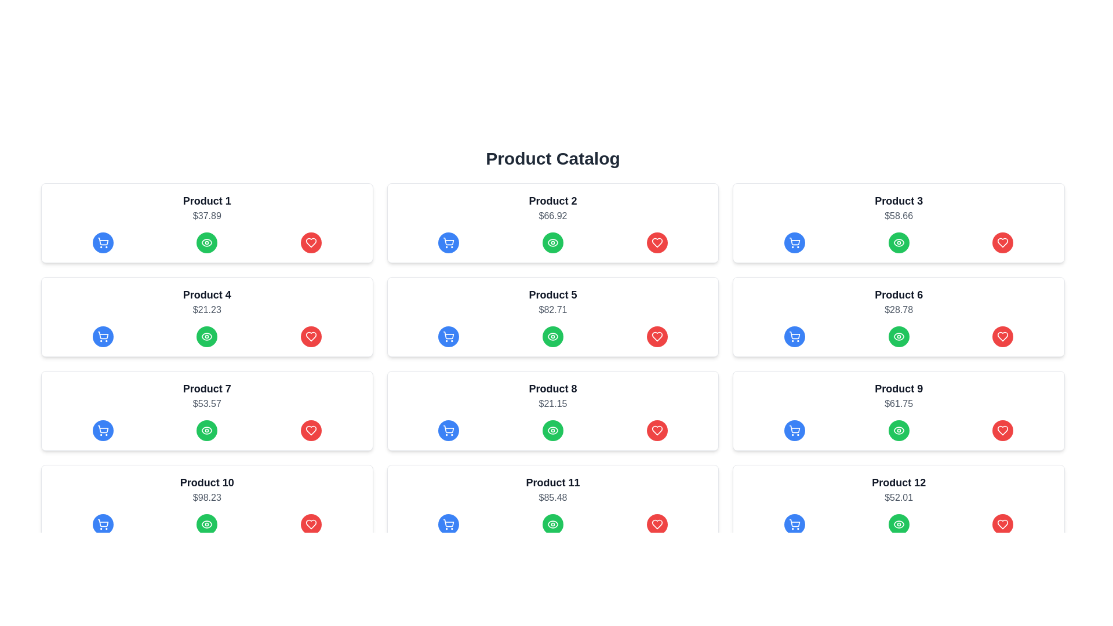  Describe the element at coordinates (311, 525) in the screenshot. I see `the 'Favorite' button located at the bottom-right corner of the 'Product 10' card` at that location.